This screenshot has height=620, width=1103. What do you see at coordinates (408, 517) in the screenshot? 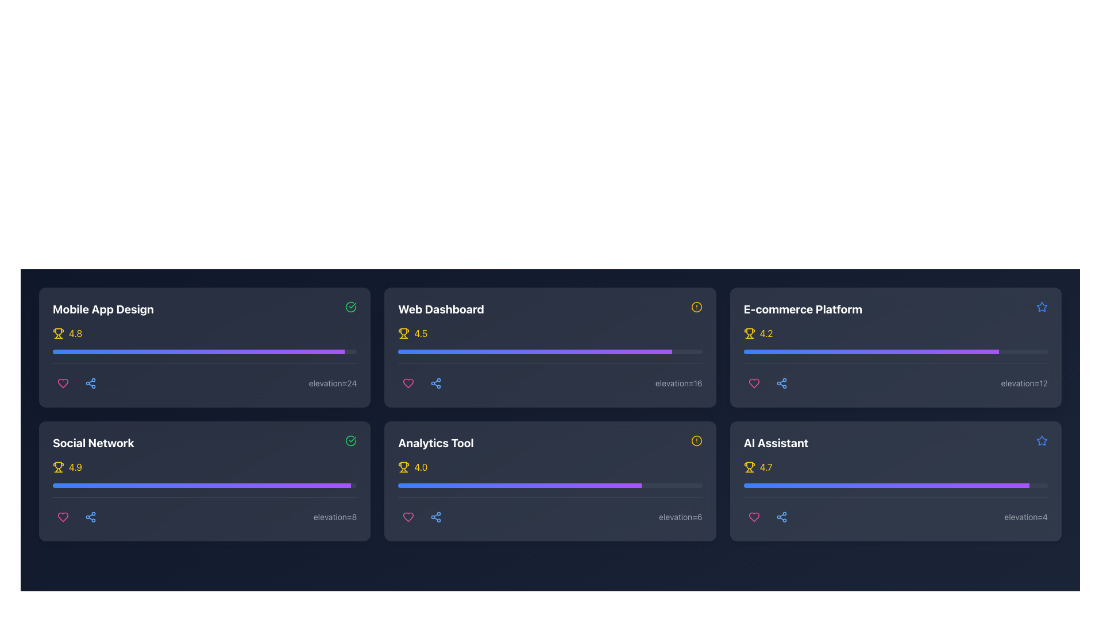
I see `the heart-shaped icon associated with 'like' or 'favorite' action within the 'Analytics Tool' card` at bounding box center [408, 517].